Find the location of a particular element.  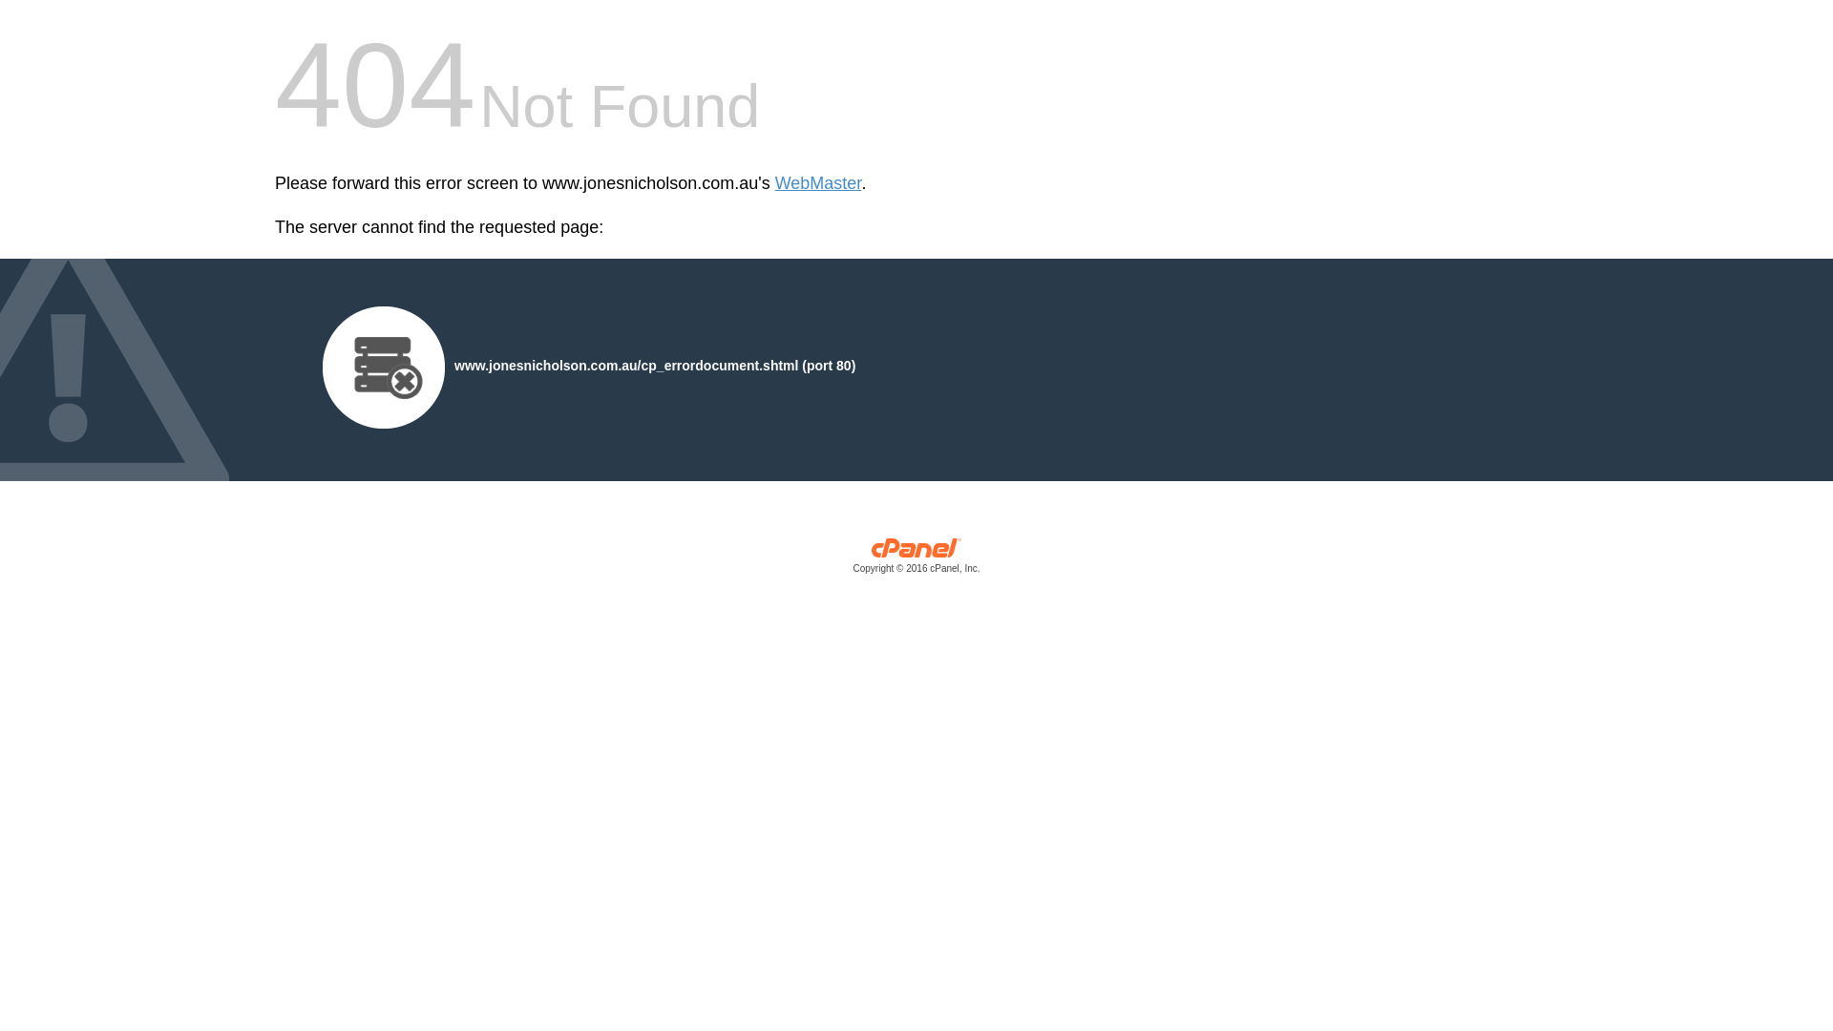

'WebMaster' is located at coordinates (774, 183).